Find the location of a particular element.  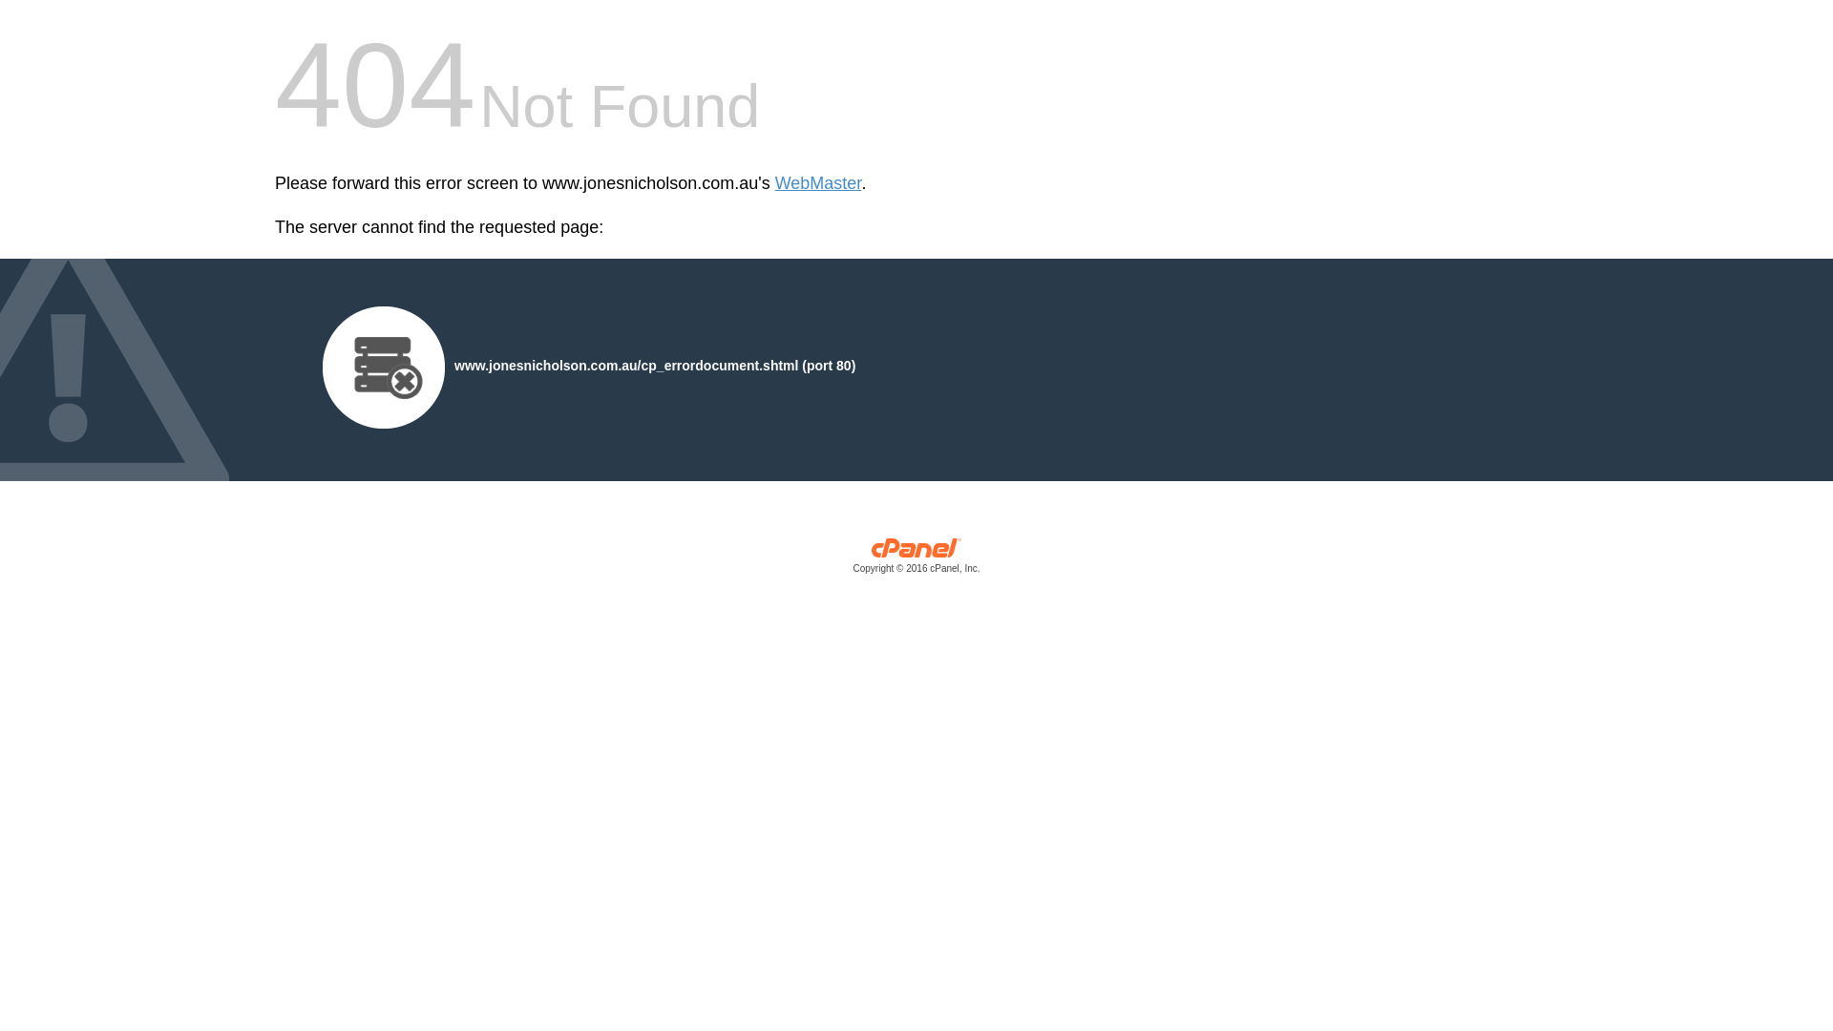

'WebMaster' is located at coordinates (774, 183).